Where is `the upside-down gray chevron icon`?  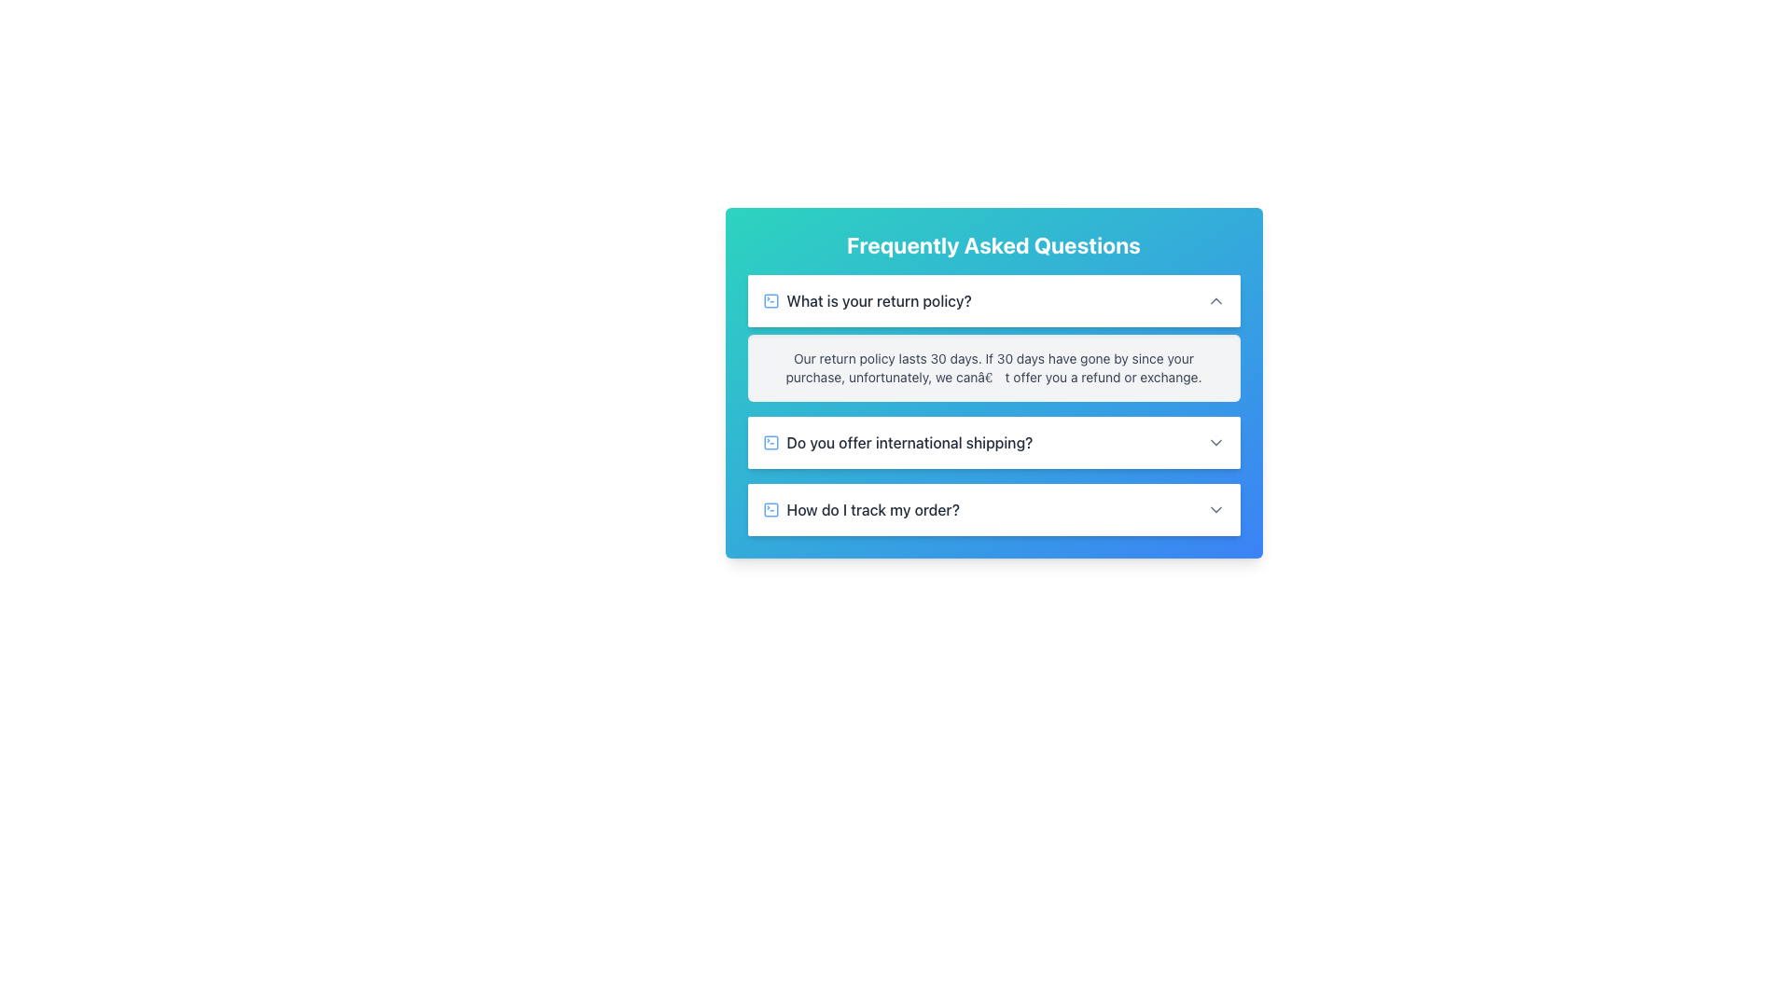 the upside-down gray chevron icon is located at coordinates (1215, 510).